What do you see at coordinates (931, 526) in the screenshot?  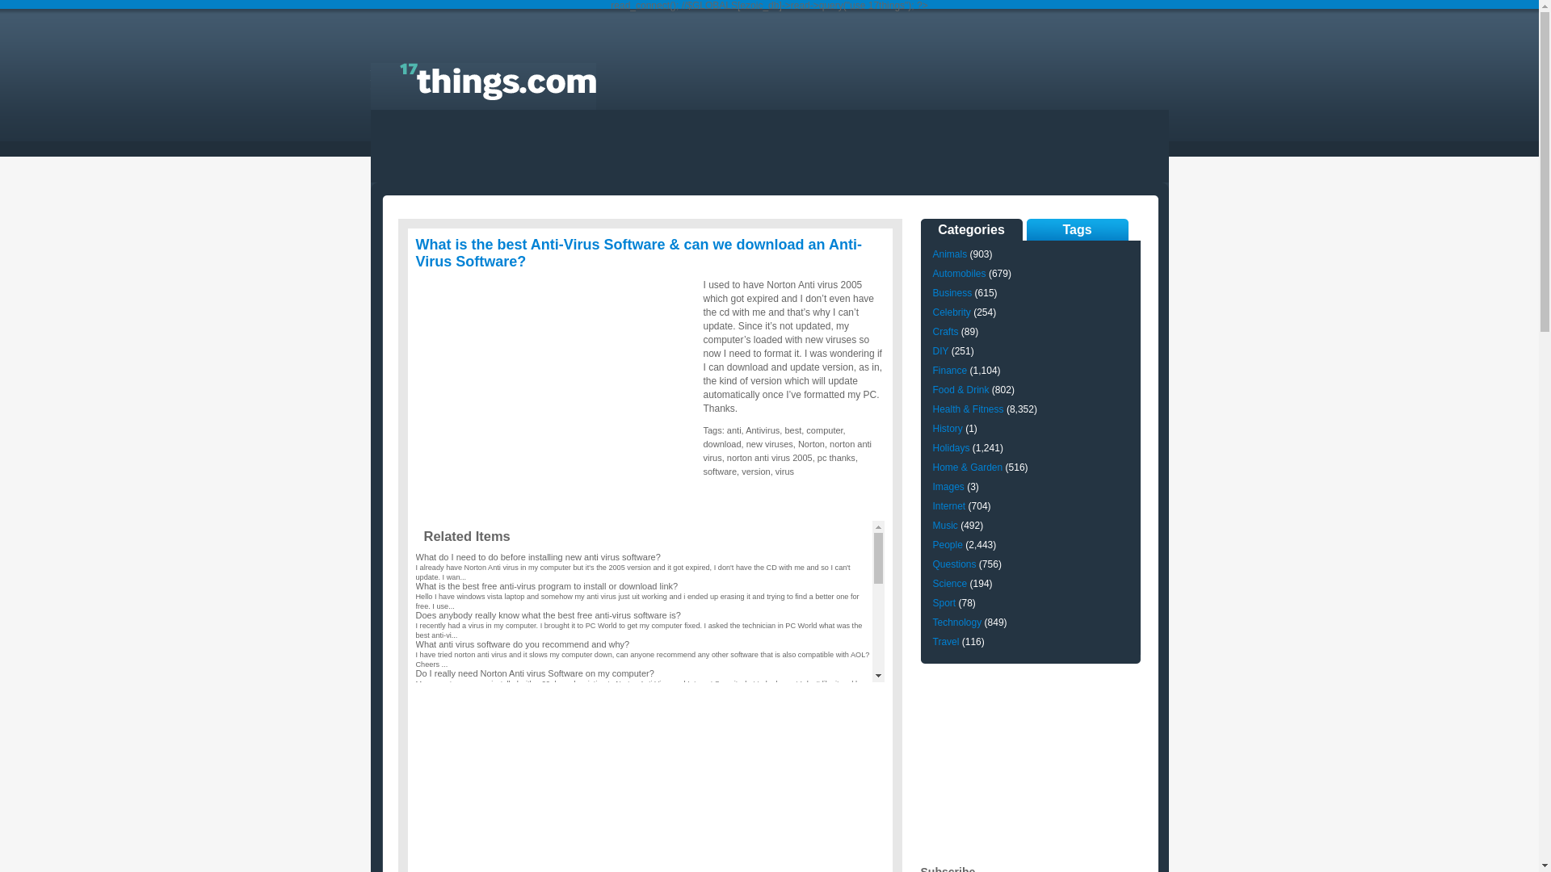 I see `'Music'` at bounding box center [931, 526].